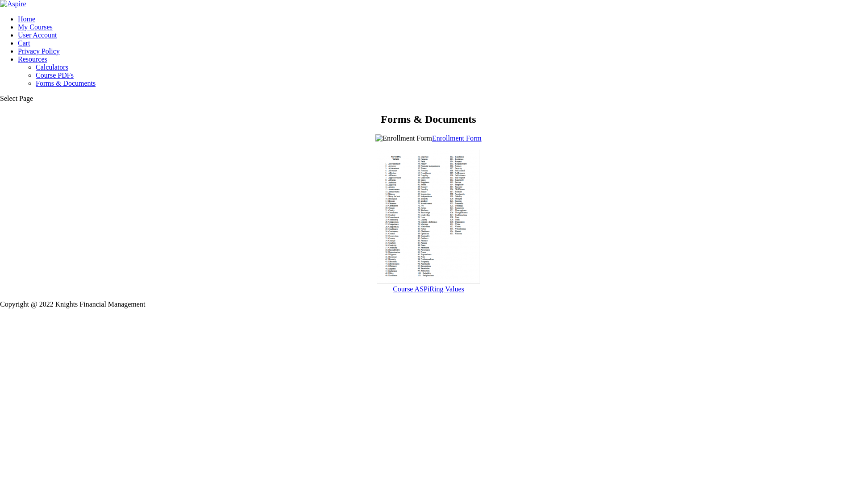 The width and height of the screenshot is (857, 482). I want to click on 'Enrollment Form', so click(457, 138).